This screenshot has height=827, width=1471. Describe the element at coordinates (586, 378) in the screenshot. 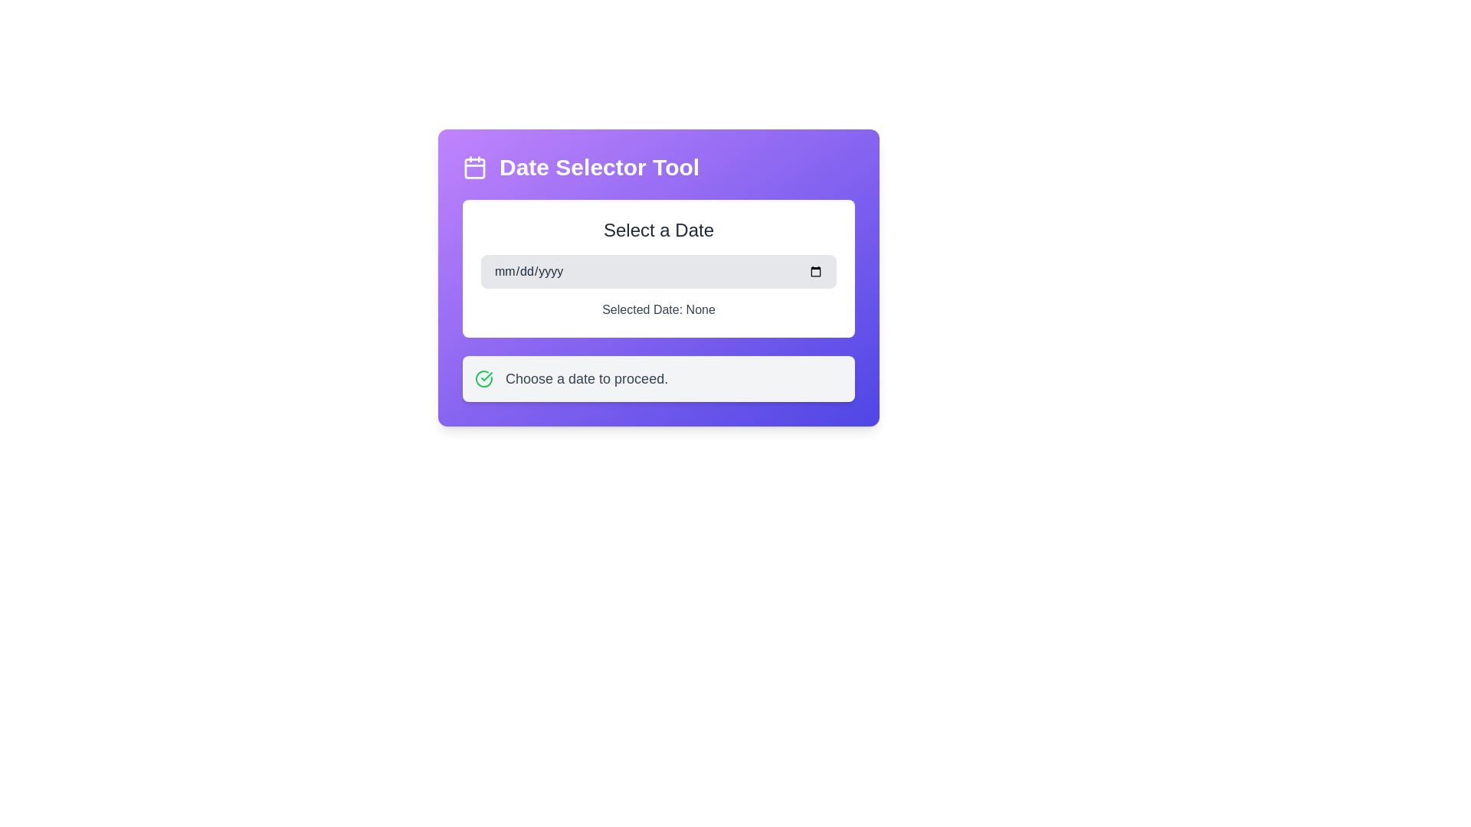

I see `the instructional label that guides the user to select a date, located to the right of a green check icon` at that location.